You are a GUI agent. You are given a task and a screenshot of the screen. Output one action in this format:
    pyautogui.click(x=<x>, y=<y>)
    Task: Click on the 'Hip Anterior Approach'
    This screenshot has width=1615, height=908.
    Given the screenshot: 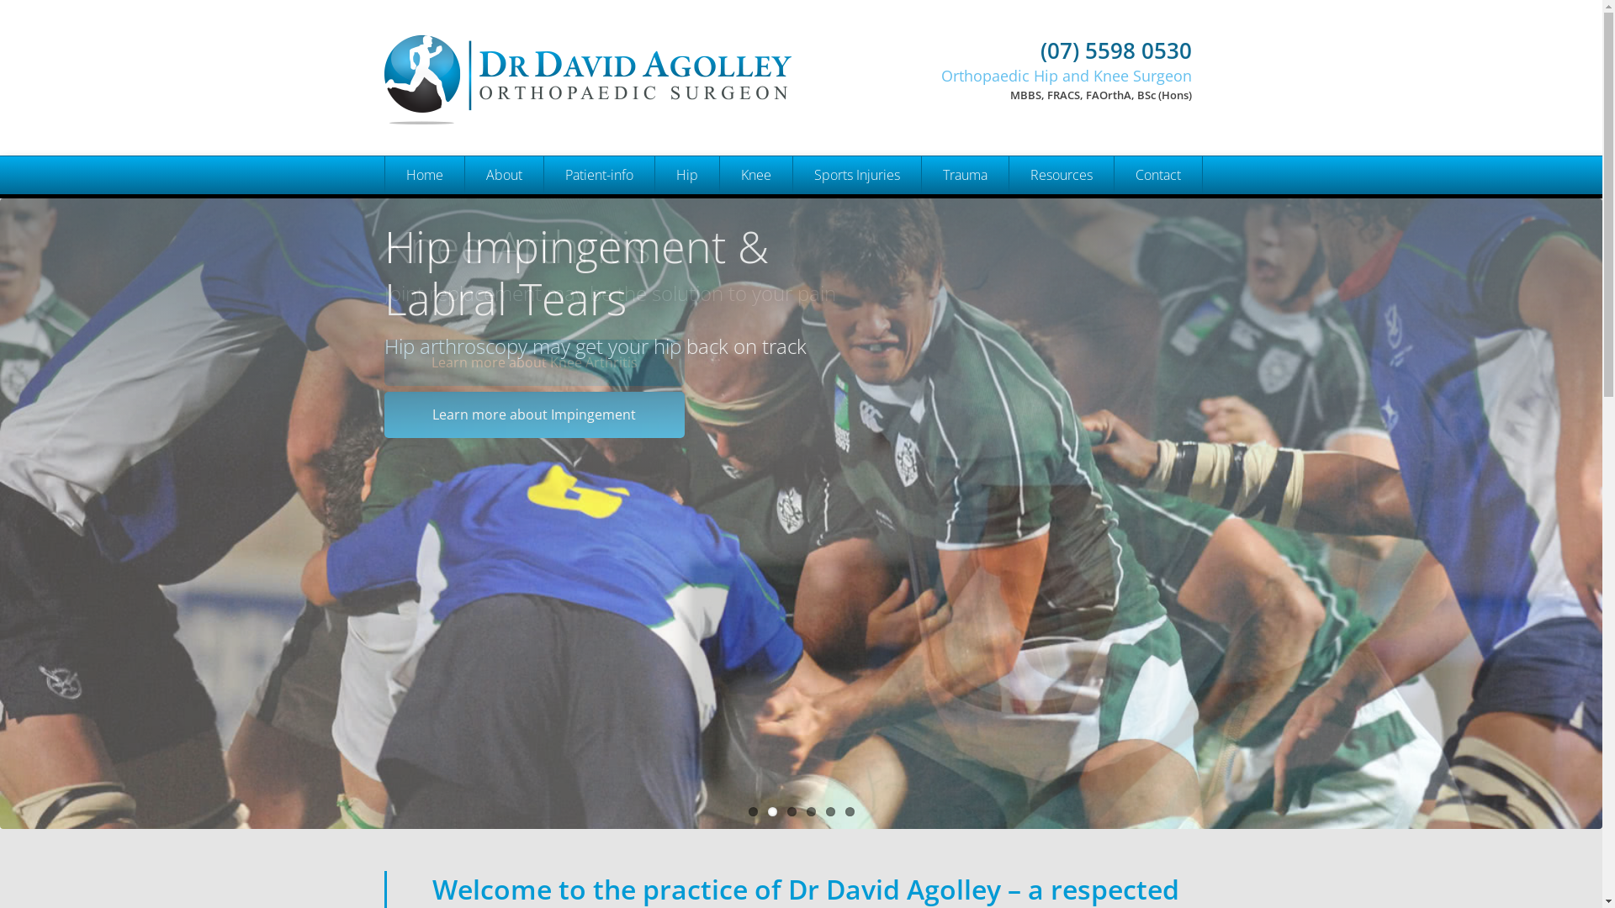 What is the action you would take?
    pyautogui.click(x=653, y=478)
    